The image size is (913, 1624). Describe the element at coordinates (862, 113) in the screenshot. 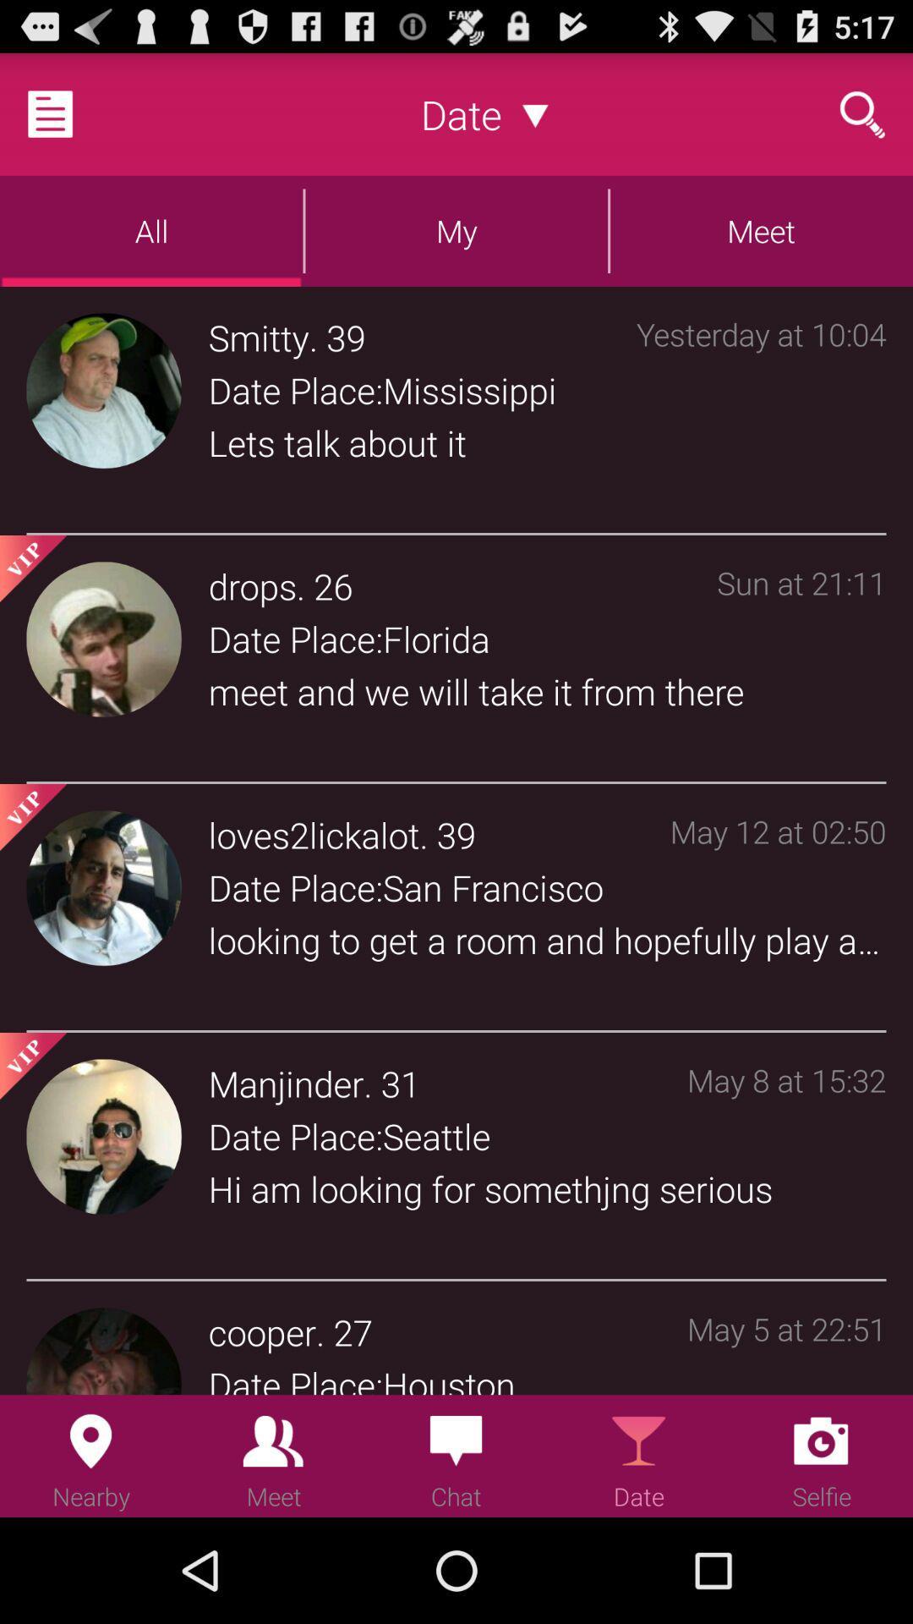

I see `search dating` at that location.